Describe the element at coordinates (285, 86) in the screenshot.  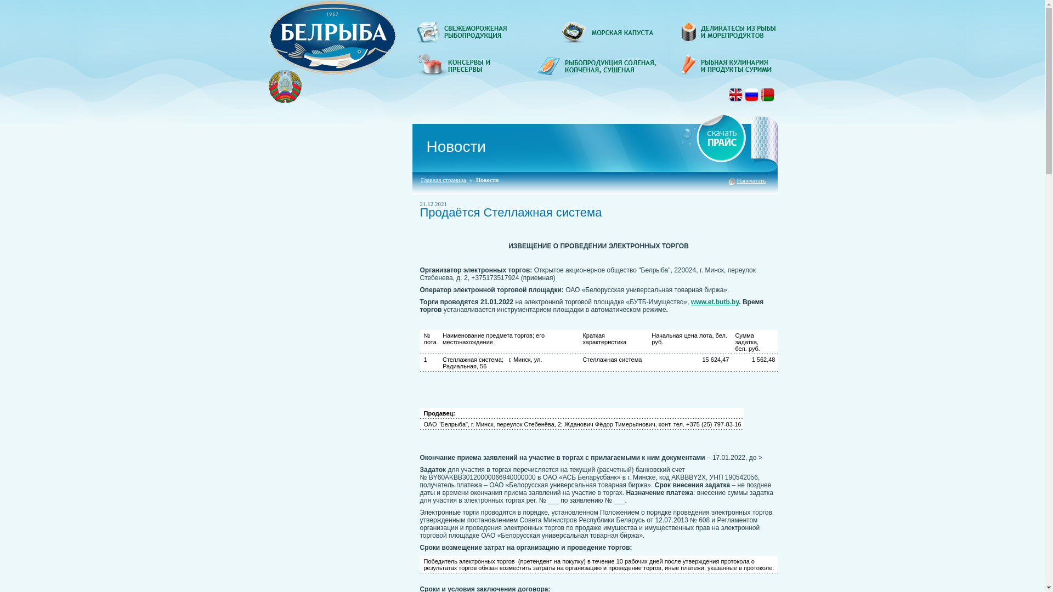
I see `'gerb'` at that location.